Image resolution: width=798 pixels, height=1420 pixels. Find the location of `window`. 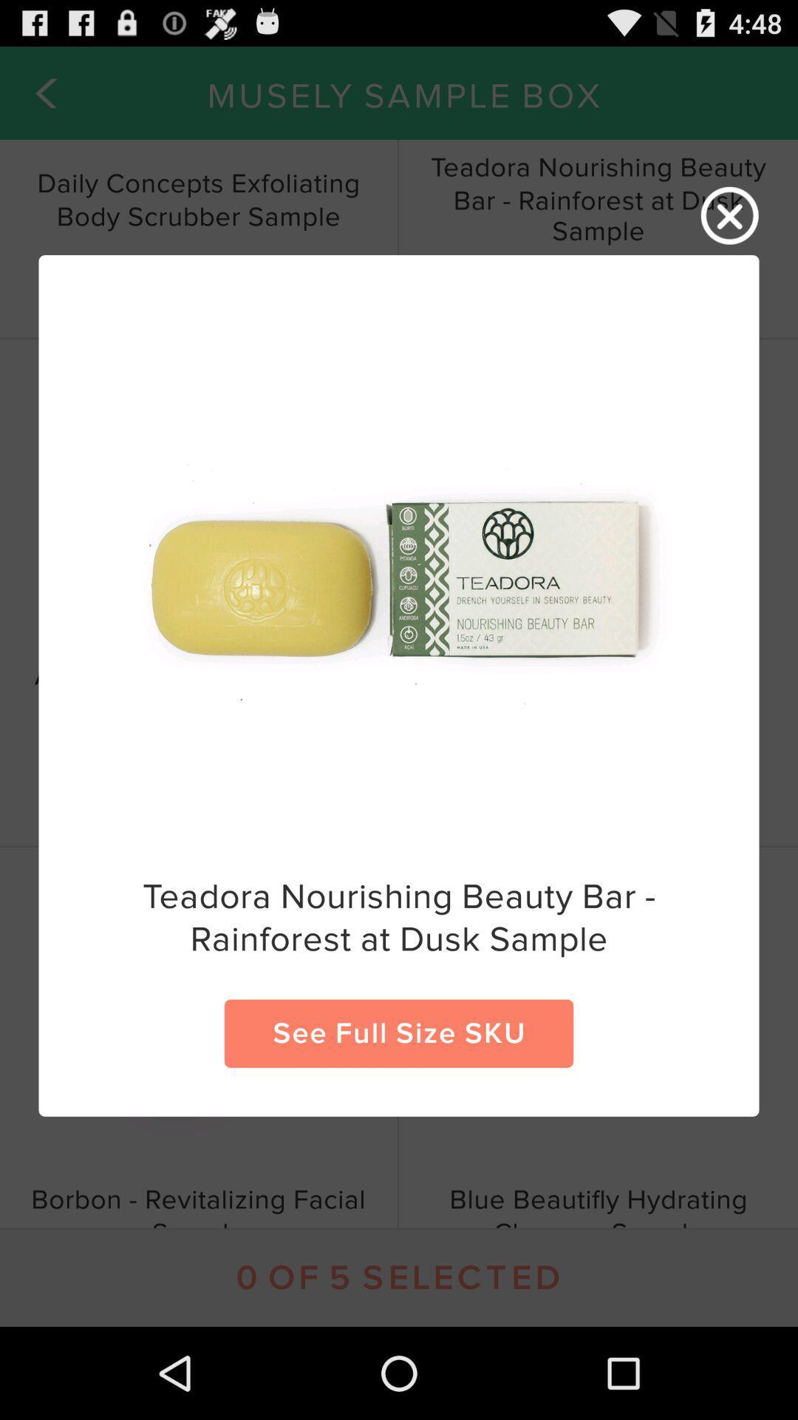

window is located at coordinates (729, 215).